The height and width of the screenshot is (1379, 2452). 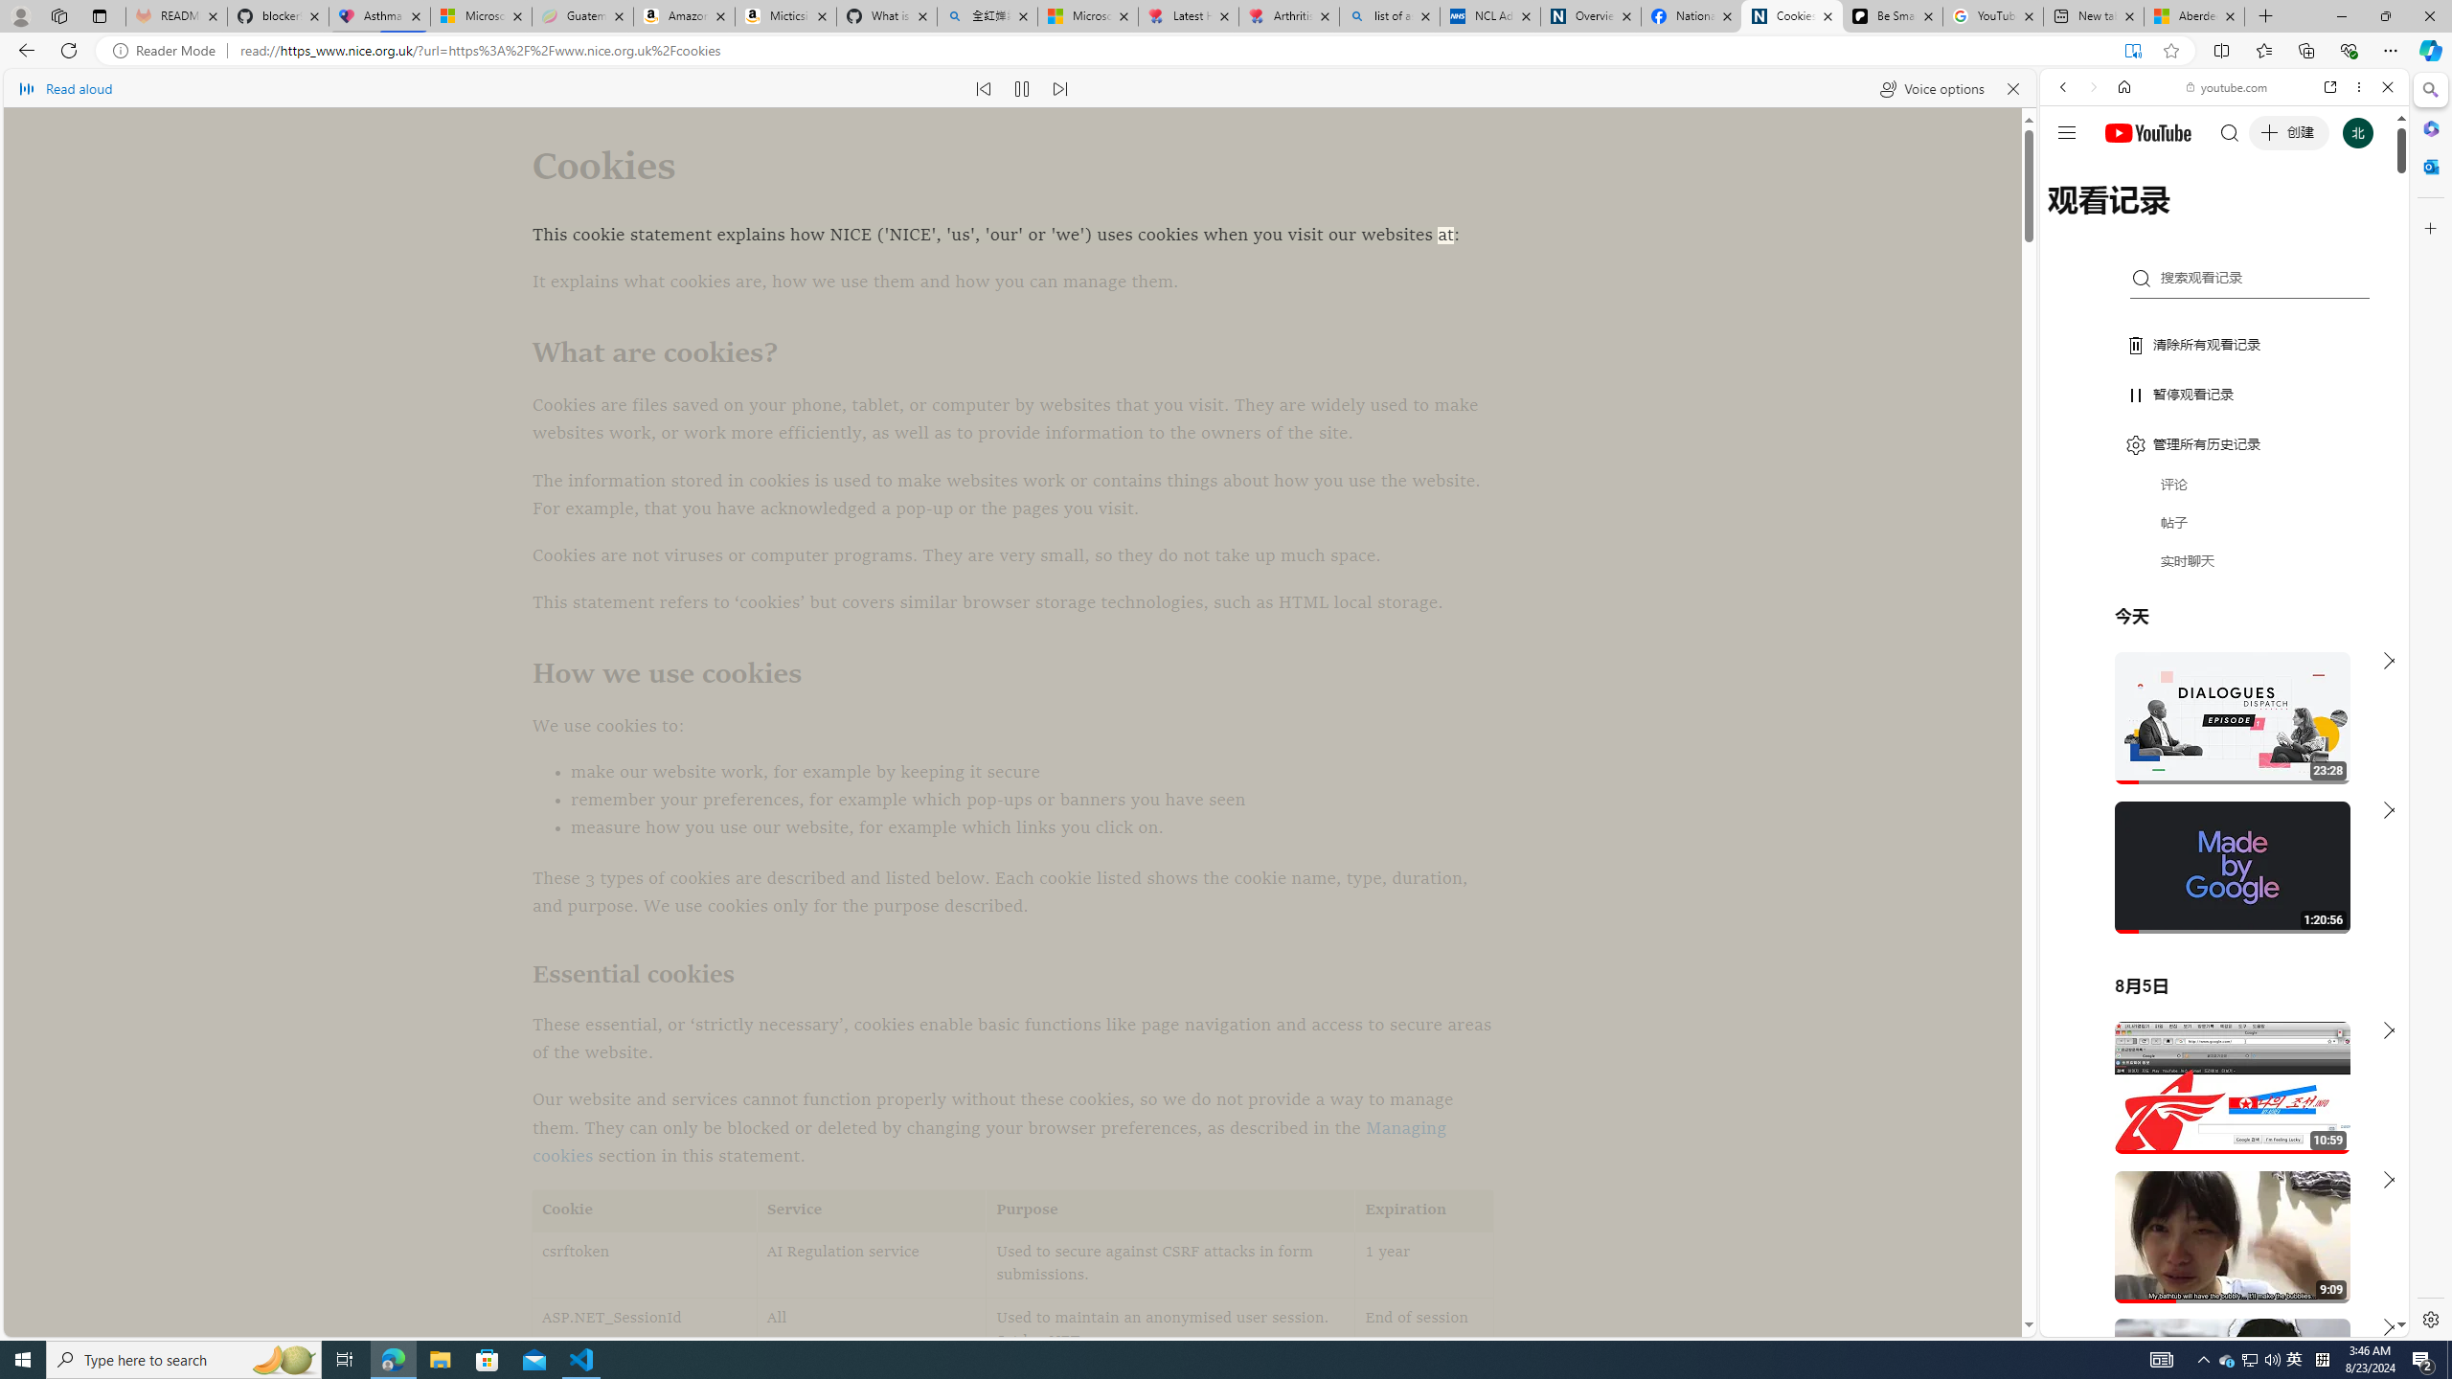 What do you see at coordinates (2216, 943) in the screenshot?
I see `'YouTube - YouTube'` at bounding box center [2216, 943].